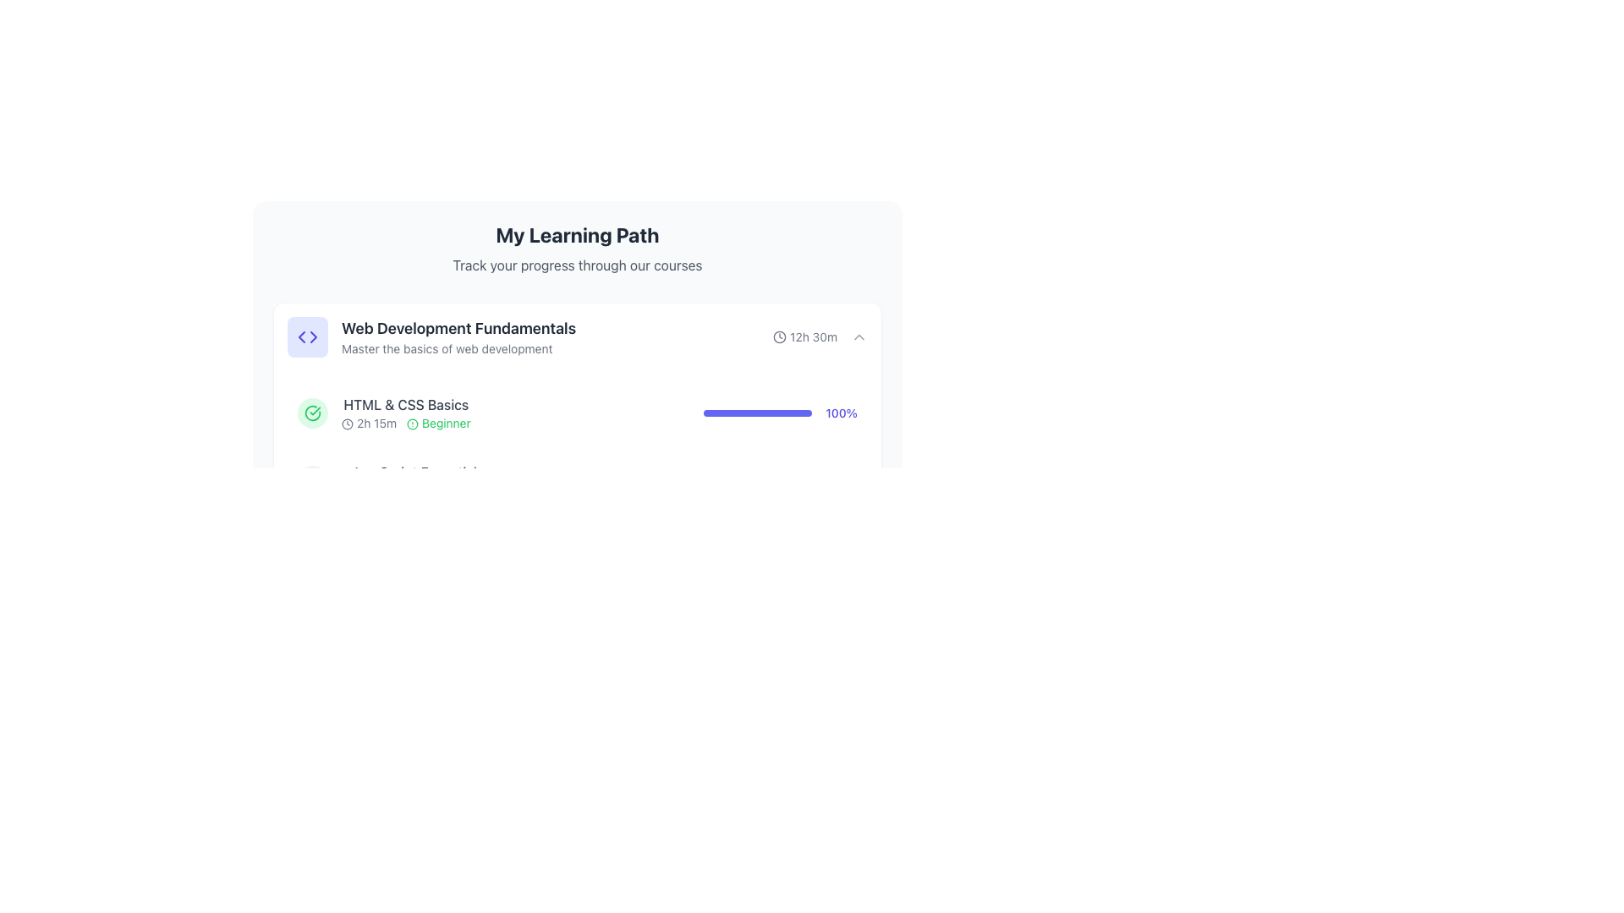 This screenshot has width=1624, height=913. What do you see at coordinates (312, 481) in the screenshot?
I see `the circular button with a light gray background and a play icon` at bounding box center [312, 481].